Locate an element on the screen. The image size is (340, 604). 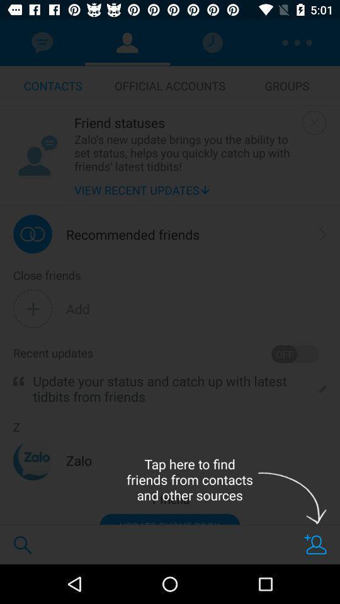
icon next to the official accounts icon is located at coordinates (286, 85).